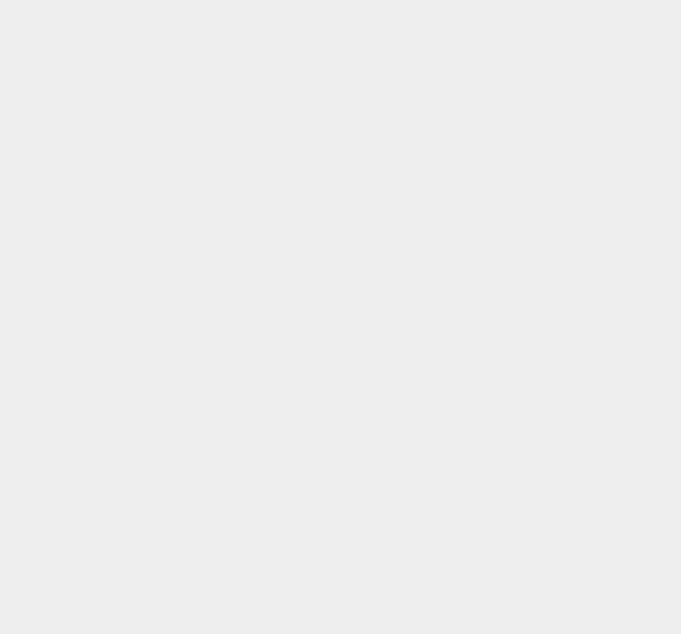 The height and width of the screenshot is (634, 681). What do you see at coordinates (497, 53) in the screenshot?
I see `'Magento'` at bounding box center [497, 53].